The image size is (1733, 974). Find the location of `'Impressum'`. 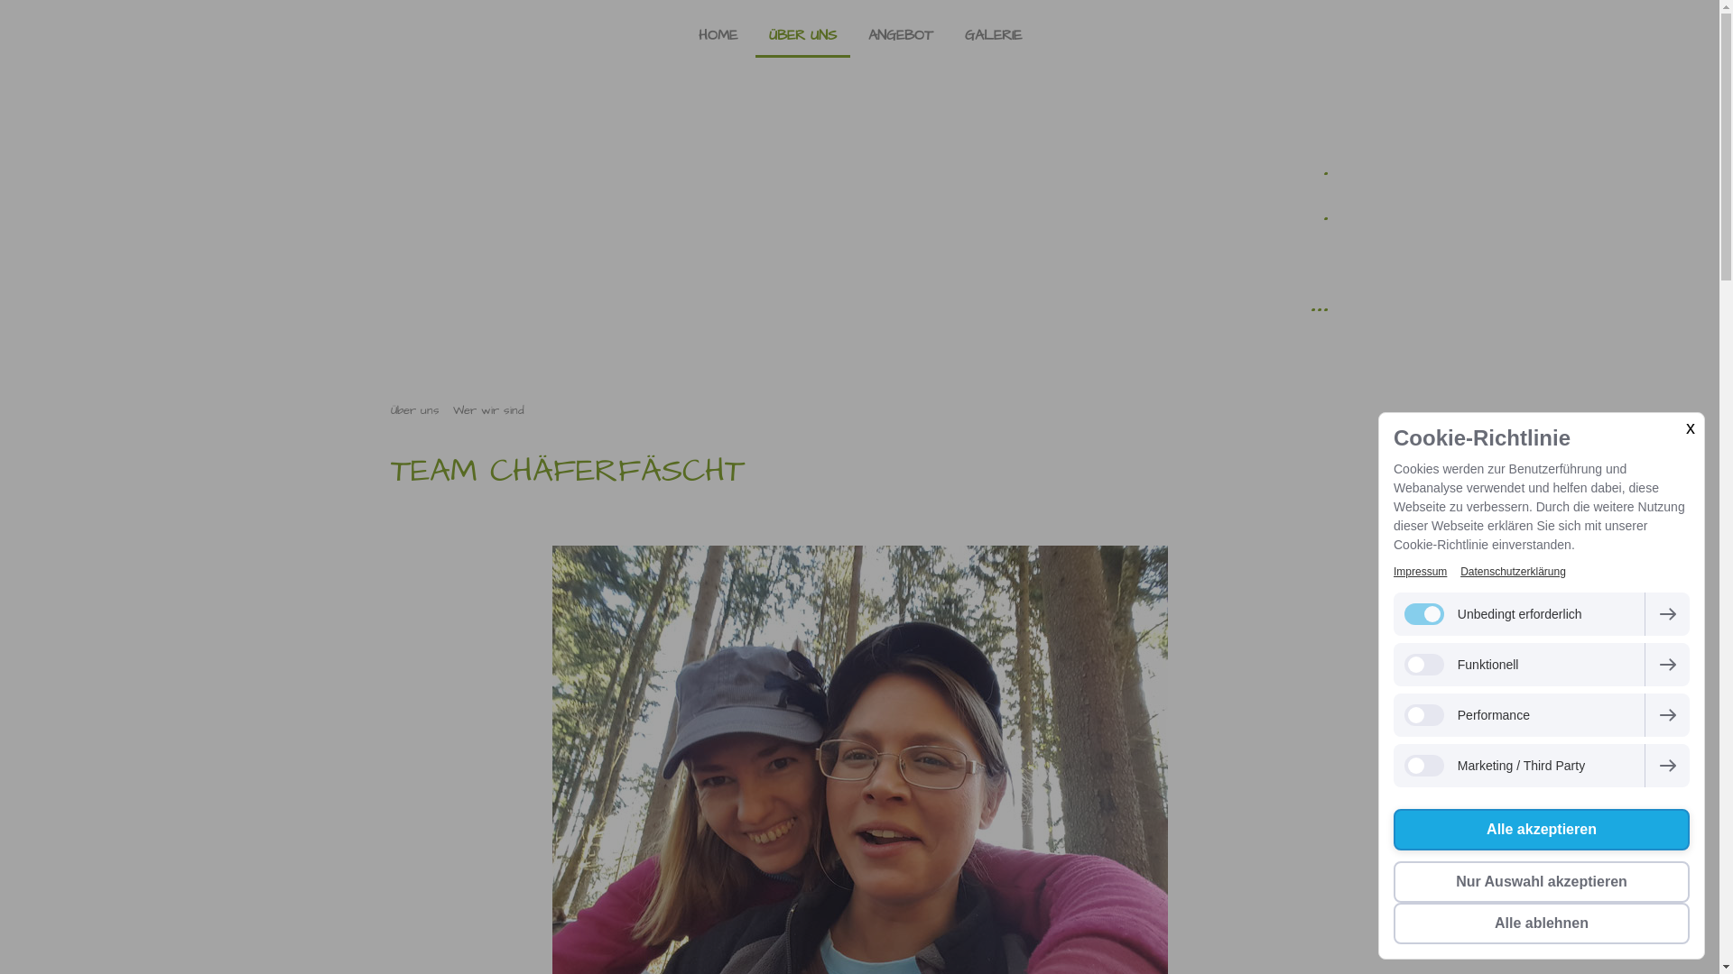

'Impressum' is located at coordinates (1419, 571).